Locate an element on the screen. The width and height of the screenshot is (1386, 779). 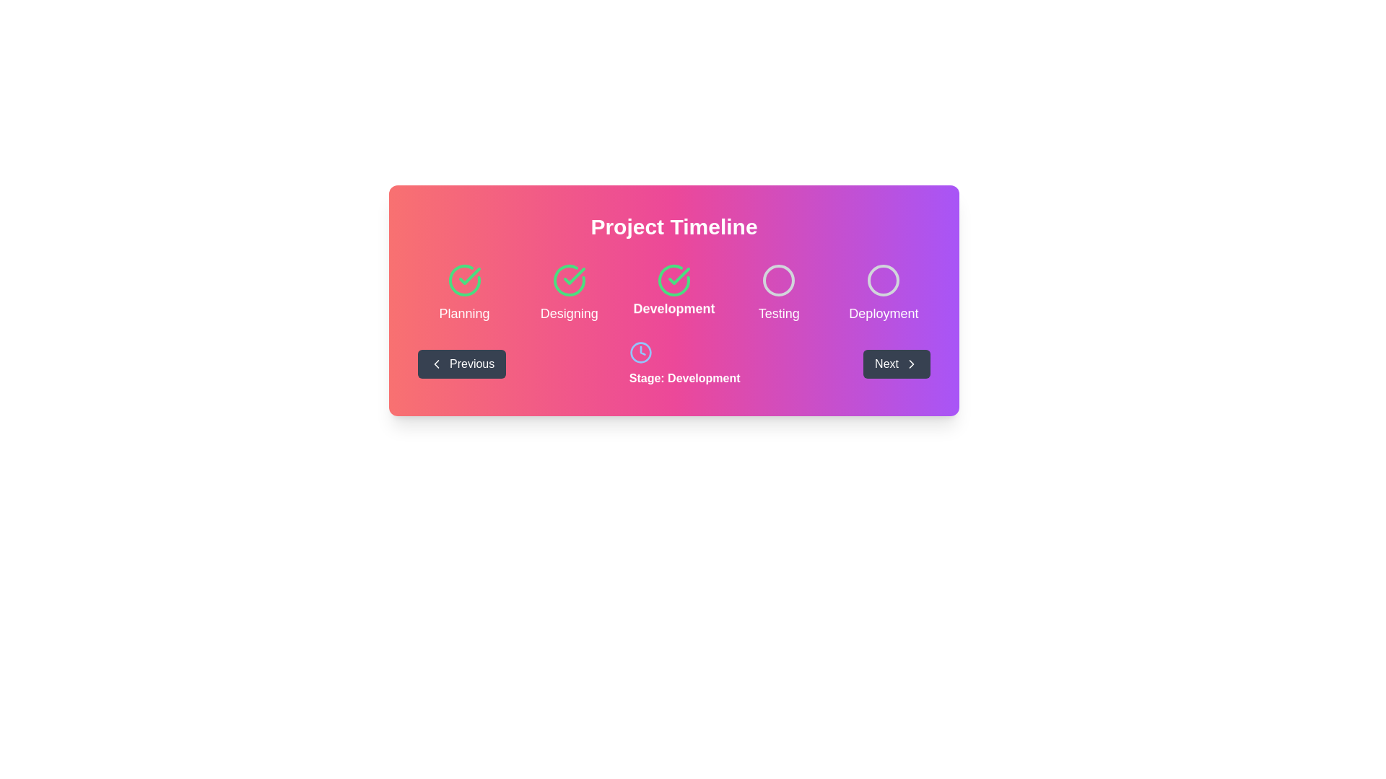
the circular checkmark icon, which is the third item in a horizontal arrangement above the 'Development' label is located at coordinates (673, 281).